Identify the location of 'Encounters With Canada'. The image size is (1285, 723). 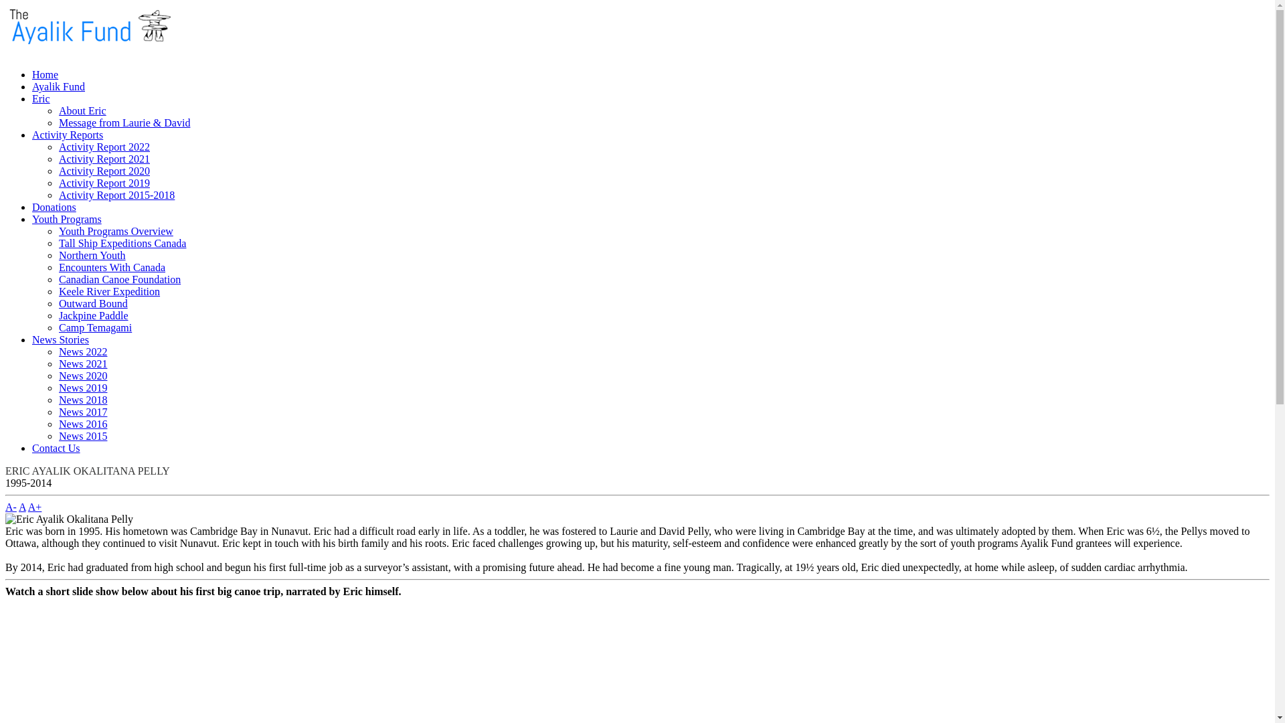
(112, 267).